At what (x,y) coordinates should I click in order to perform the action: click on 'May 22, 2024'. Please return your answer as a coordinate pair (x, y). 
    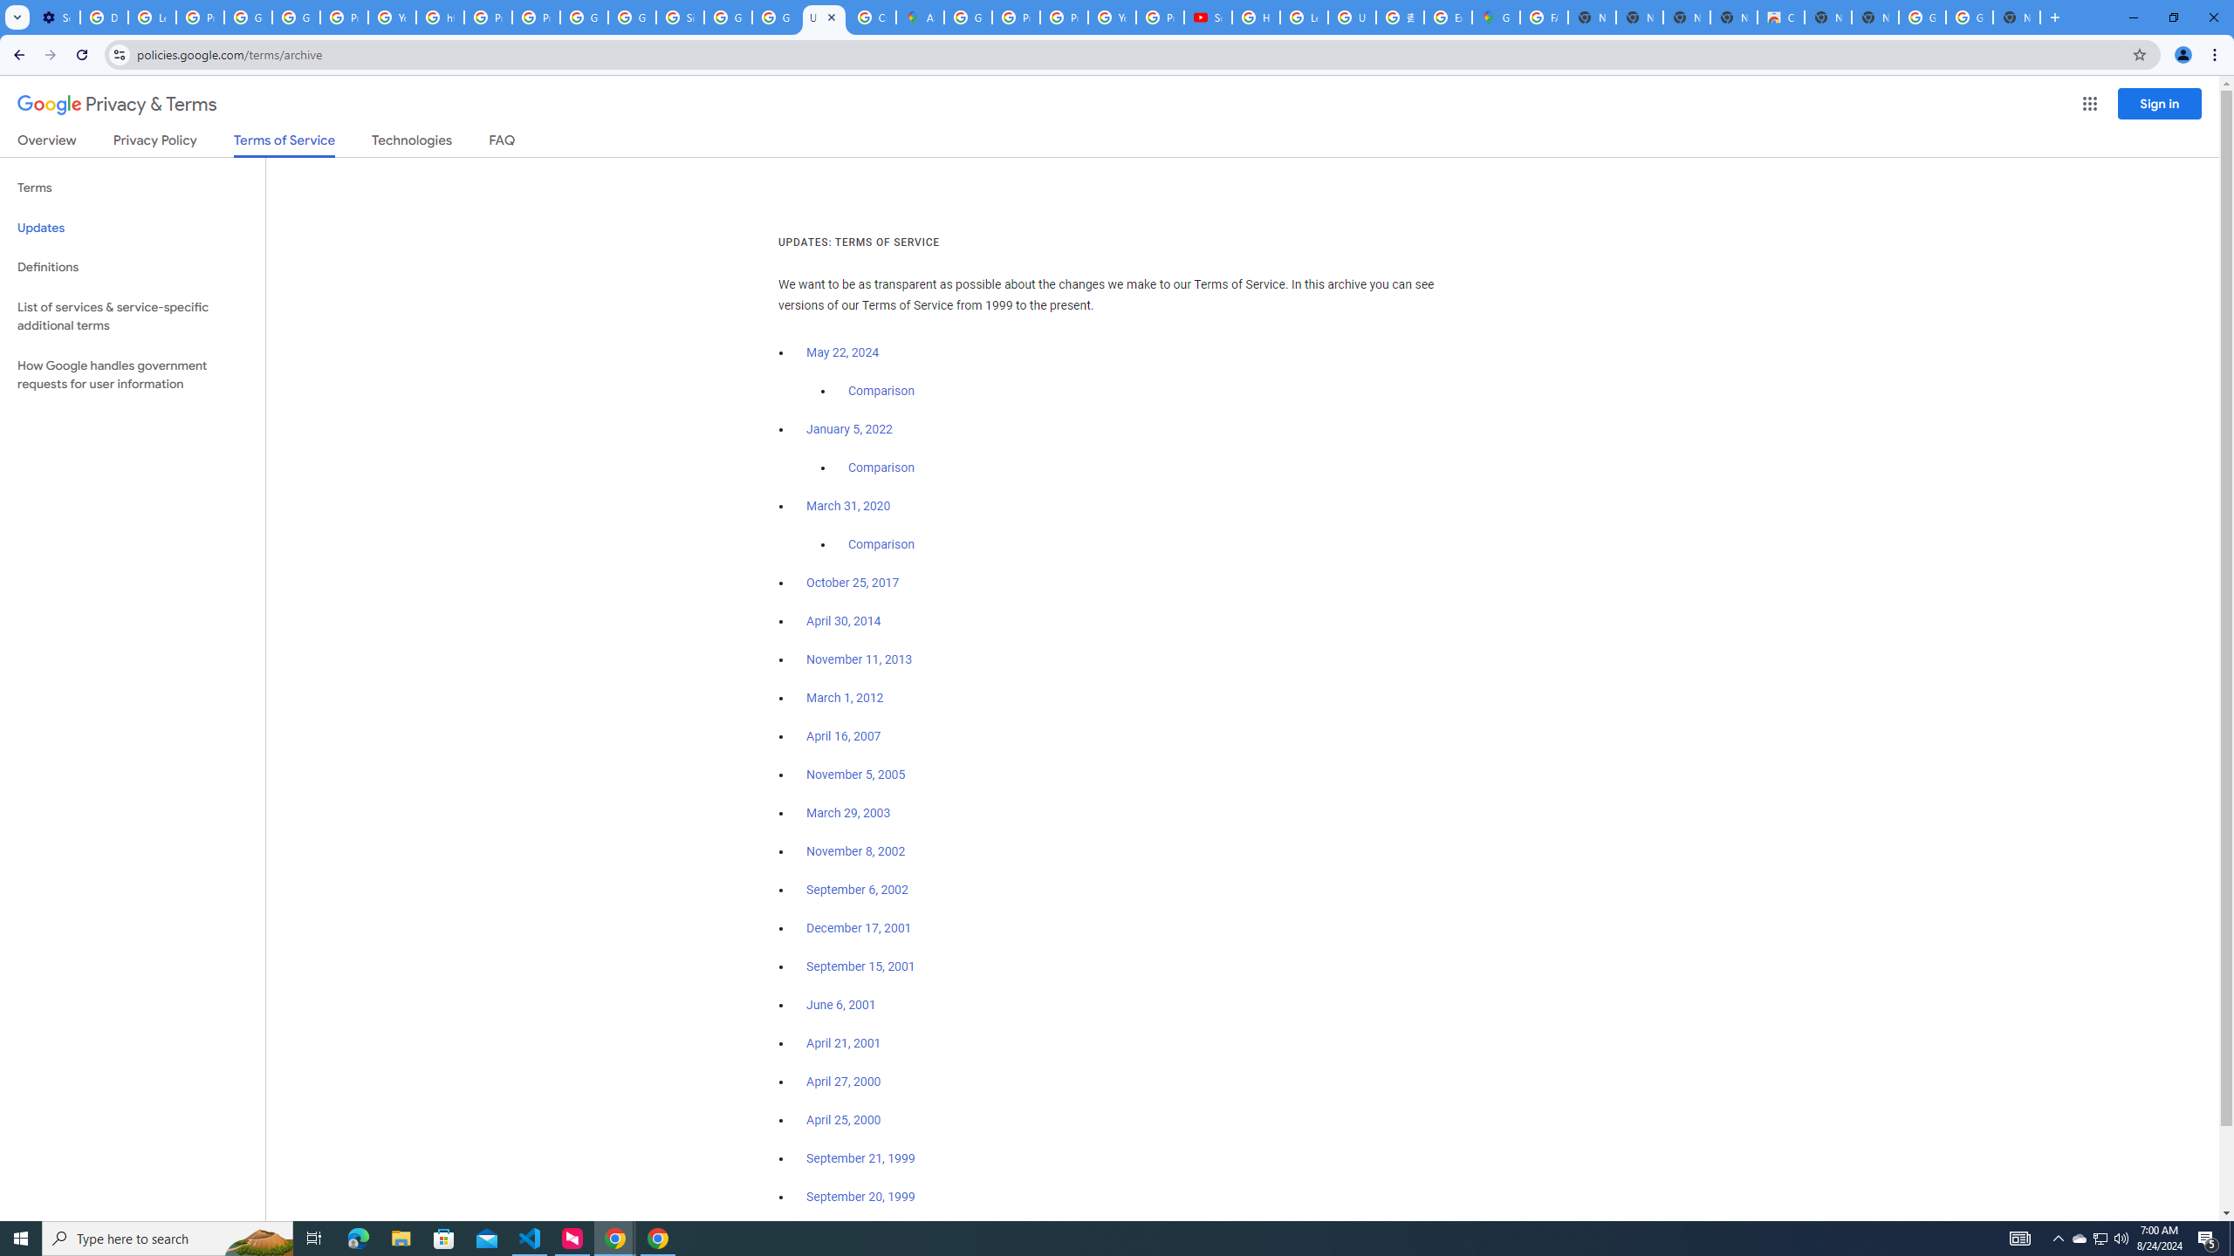
    Looking at the image, I should click on (843, 353).